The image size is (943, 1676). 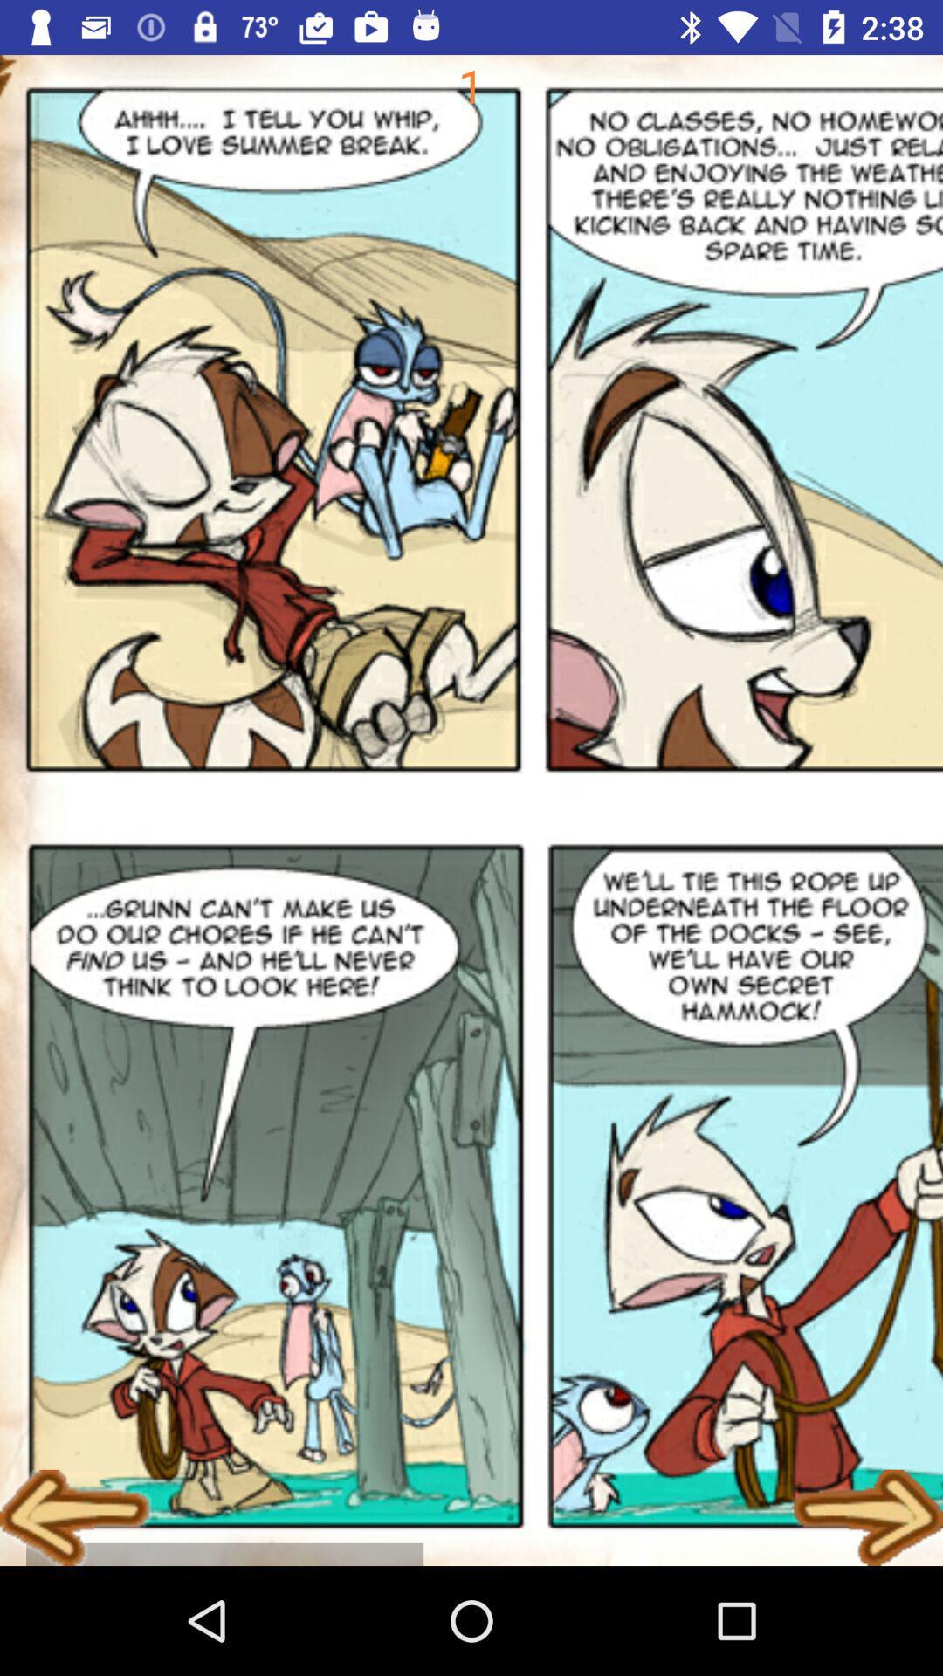 What do you see at coordinates (74, 1516) in the screenshot?
I see `the arrow_backward icon` at bounding box center [74, 1516].